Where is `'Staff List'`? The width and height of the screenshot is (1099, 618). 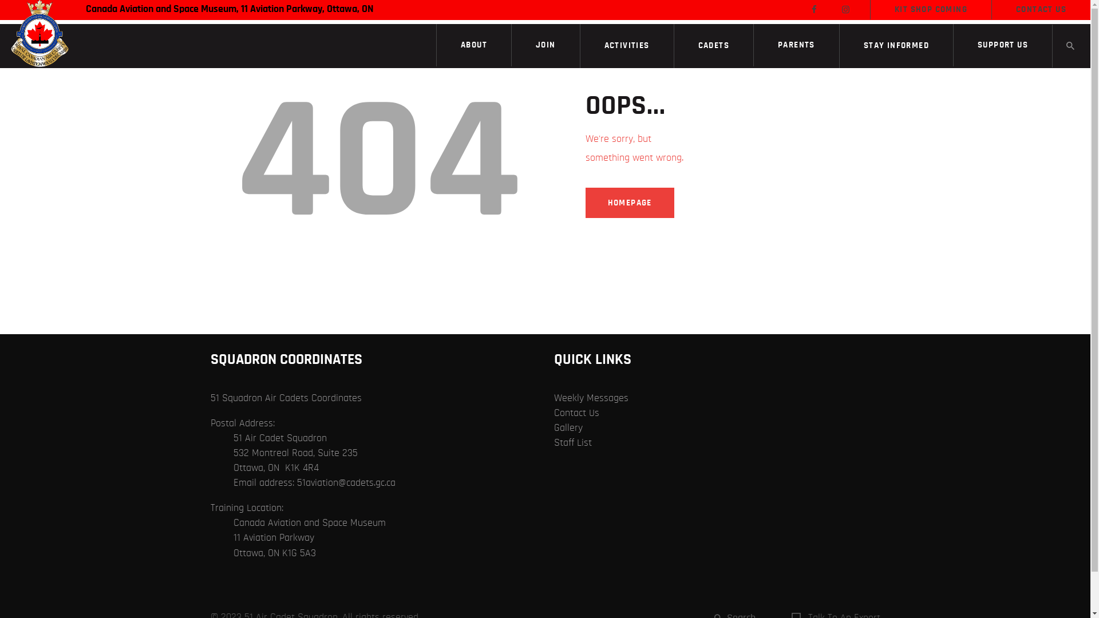 'Staff List' is located at coordinates (573, 442).